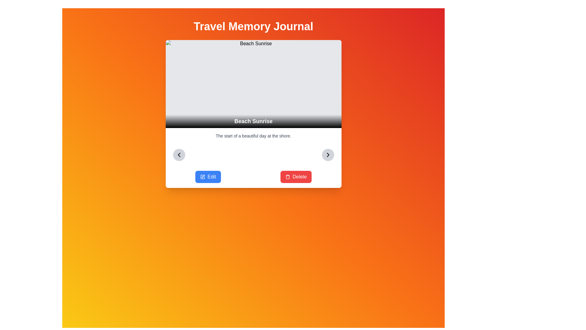 Image resolution: width=586 pixels, height=330 pixels. What do you see at coordinates (253, 135) in the screenshot?
I see `the text label containing the message 'The start of a beautiful day at the shore.' located beneath the 'Beach Sunrise' title and above the 'Edit' and 'Delete' buttons` at bounding box center [253, 135].